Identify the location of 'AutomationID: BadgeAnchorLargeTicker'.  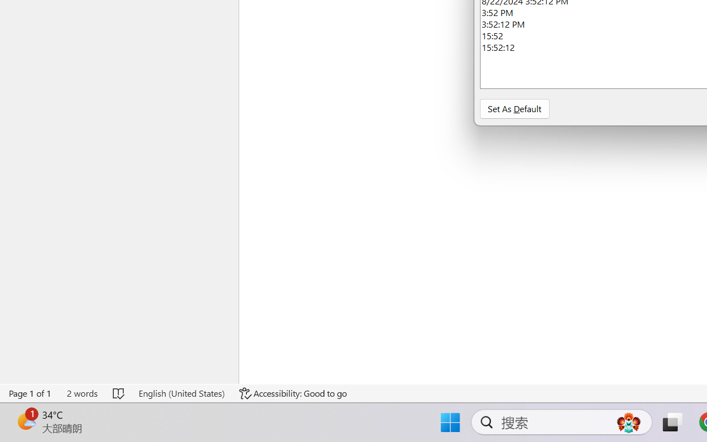
(25, 421).